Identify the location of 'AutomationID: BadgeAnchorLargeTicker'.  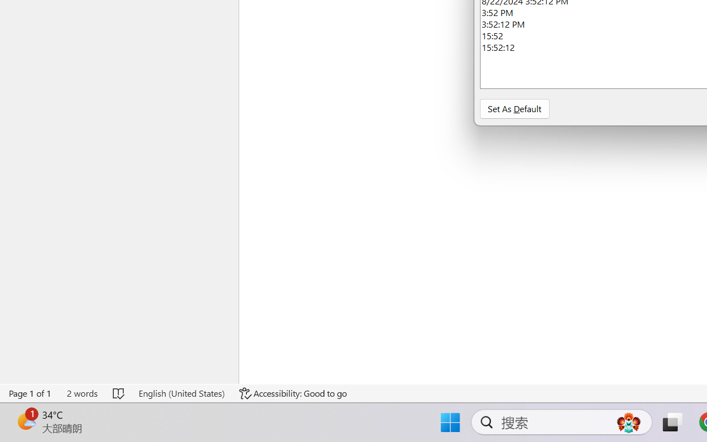
(25, 421).